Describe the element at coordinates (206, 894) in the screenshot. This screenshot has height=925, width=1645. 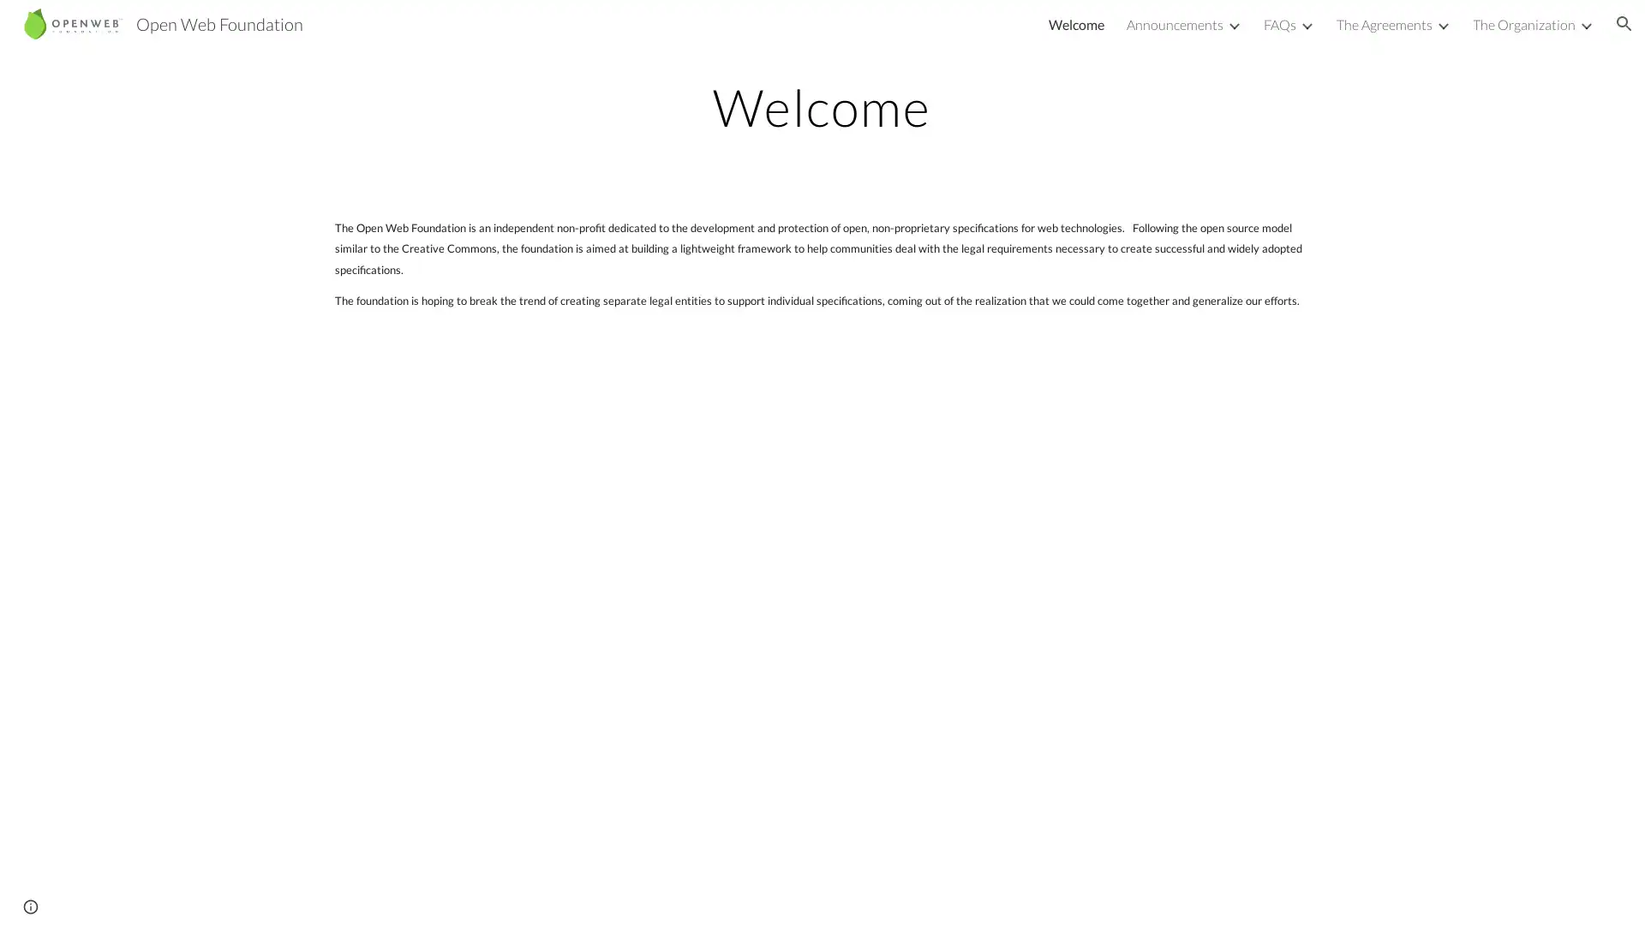
I see `Report abuse` at that location.